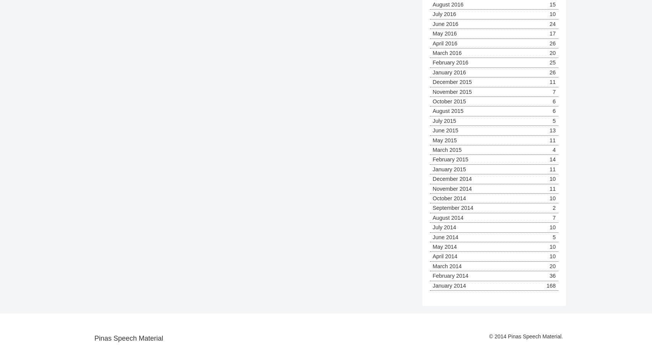 The image size is (652, 346). Describe the element at coordinates (552, 130) in the screenshot. I see `'13'` at that location.